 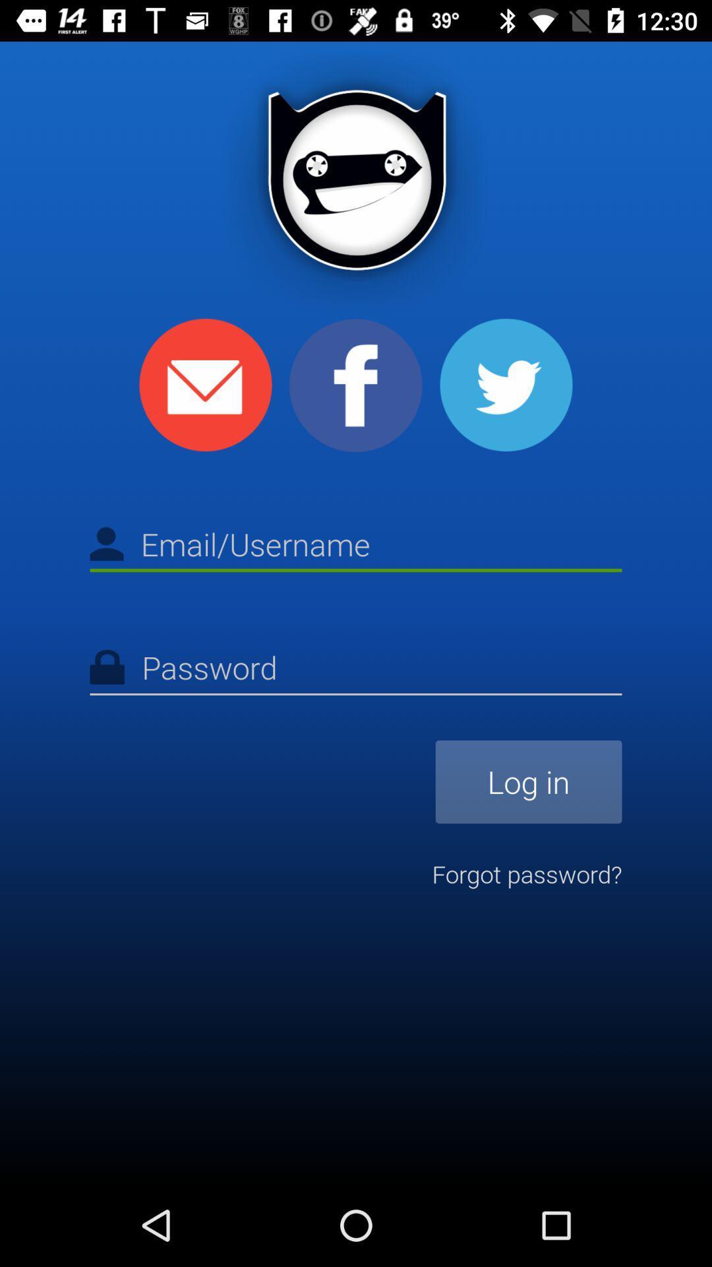 I want to click on the log in icon, so click(x=528, y=782).